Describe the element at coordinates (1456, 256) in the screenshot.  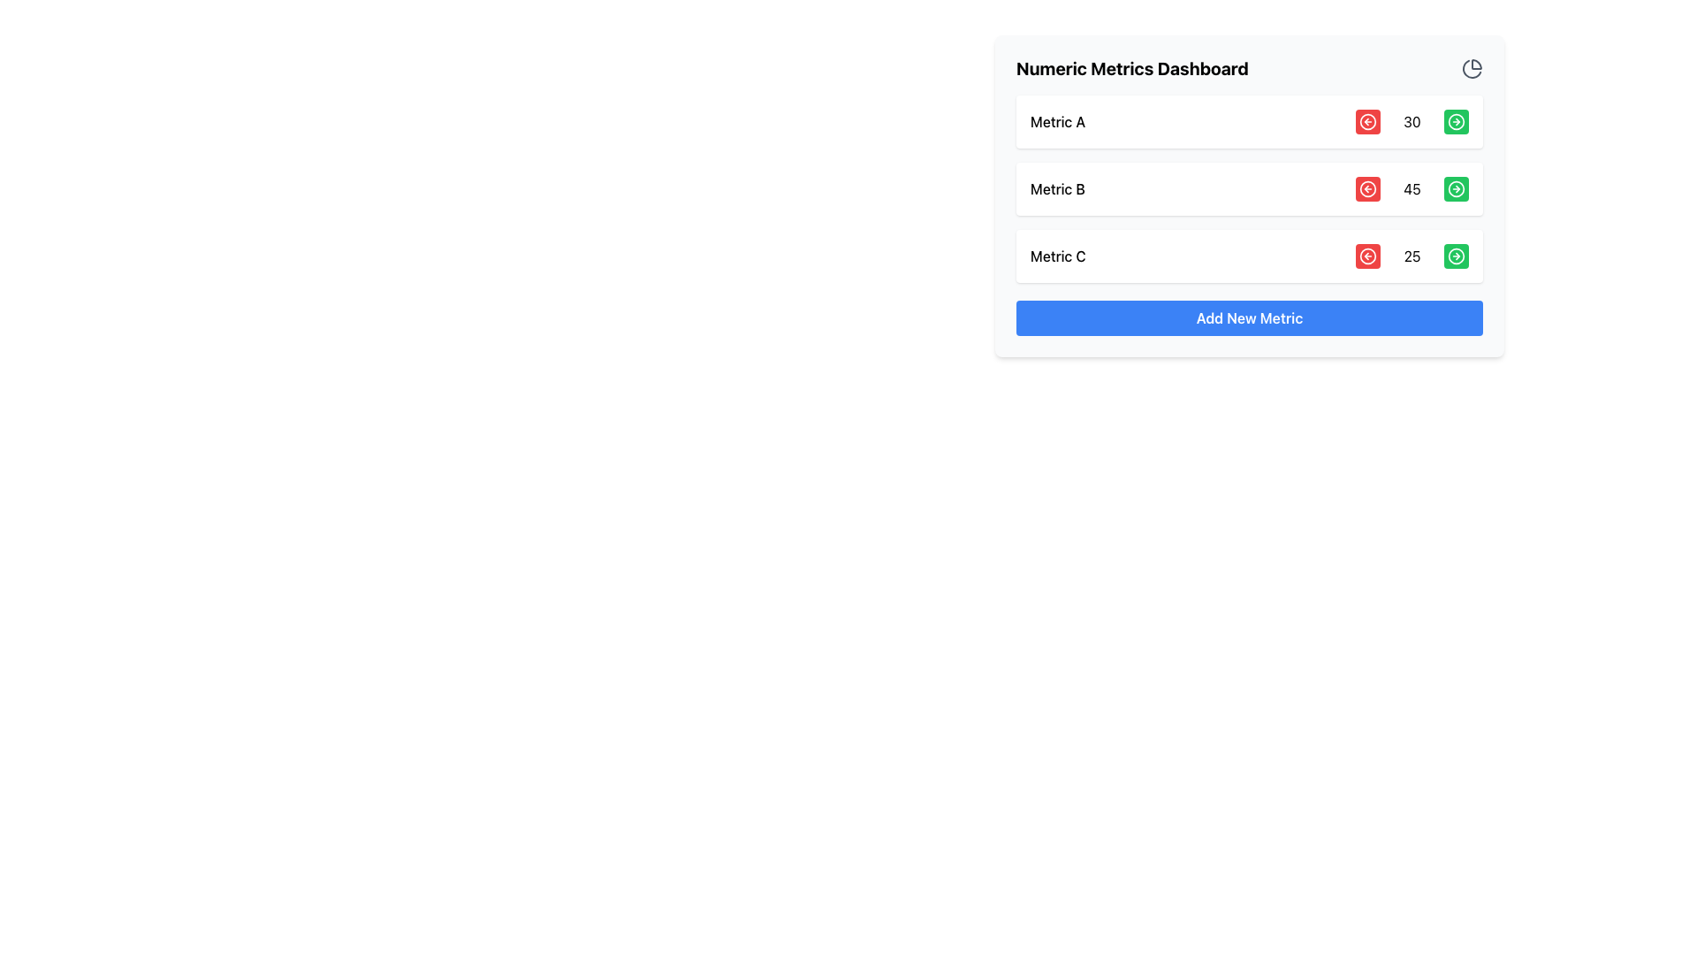
I see `the green circular button containing a right-pointing arrow icon located to the right of the text '25' in the bottommost row of the metrics dashboard` at that location.